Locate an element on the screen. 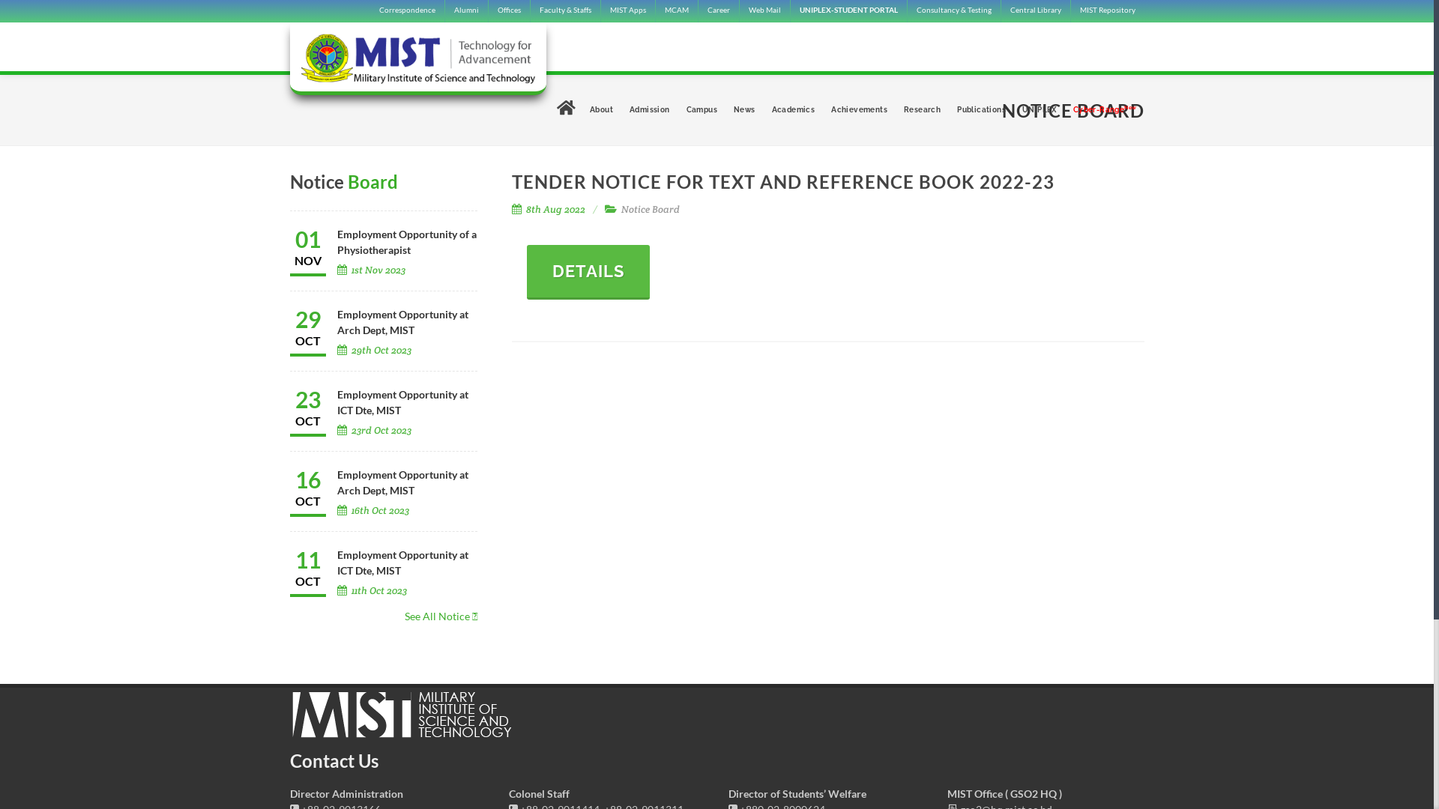 Image resolution: width=1439 pixels, height=809 pixels. 'Notice Board' is located at coordinates (651, 209).